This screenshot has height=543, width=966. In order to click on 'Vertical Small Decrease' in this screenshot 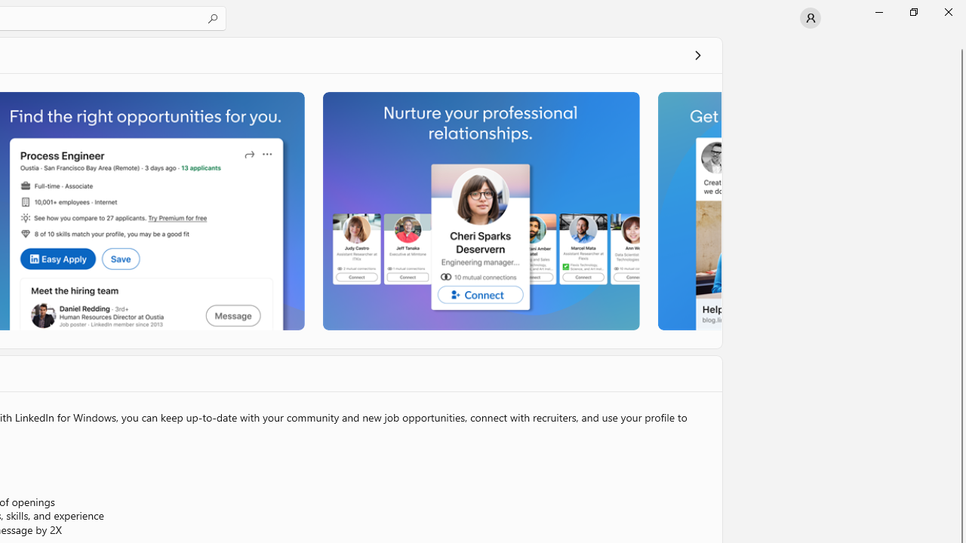, I will do `click(959, 41)`.